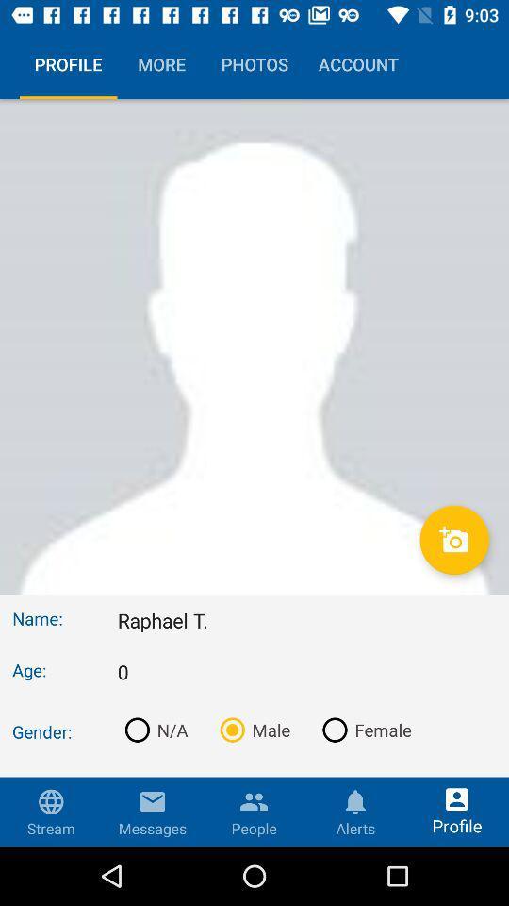 The height and width of the screenshot is (906, 509). Describe the element at coordinates (152, 729) in the screenshot. I see `item below 0` at that location.